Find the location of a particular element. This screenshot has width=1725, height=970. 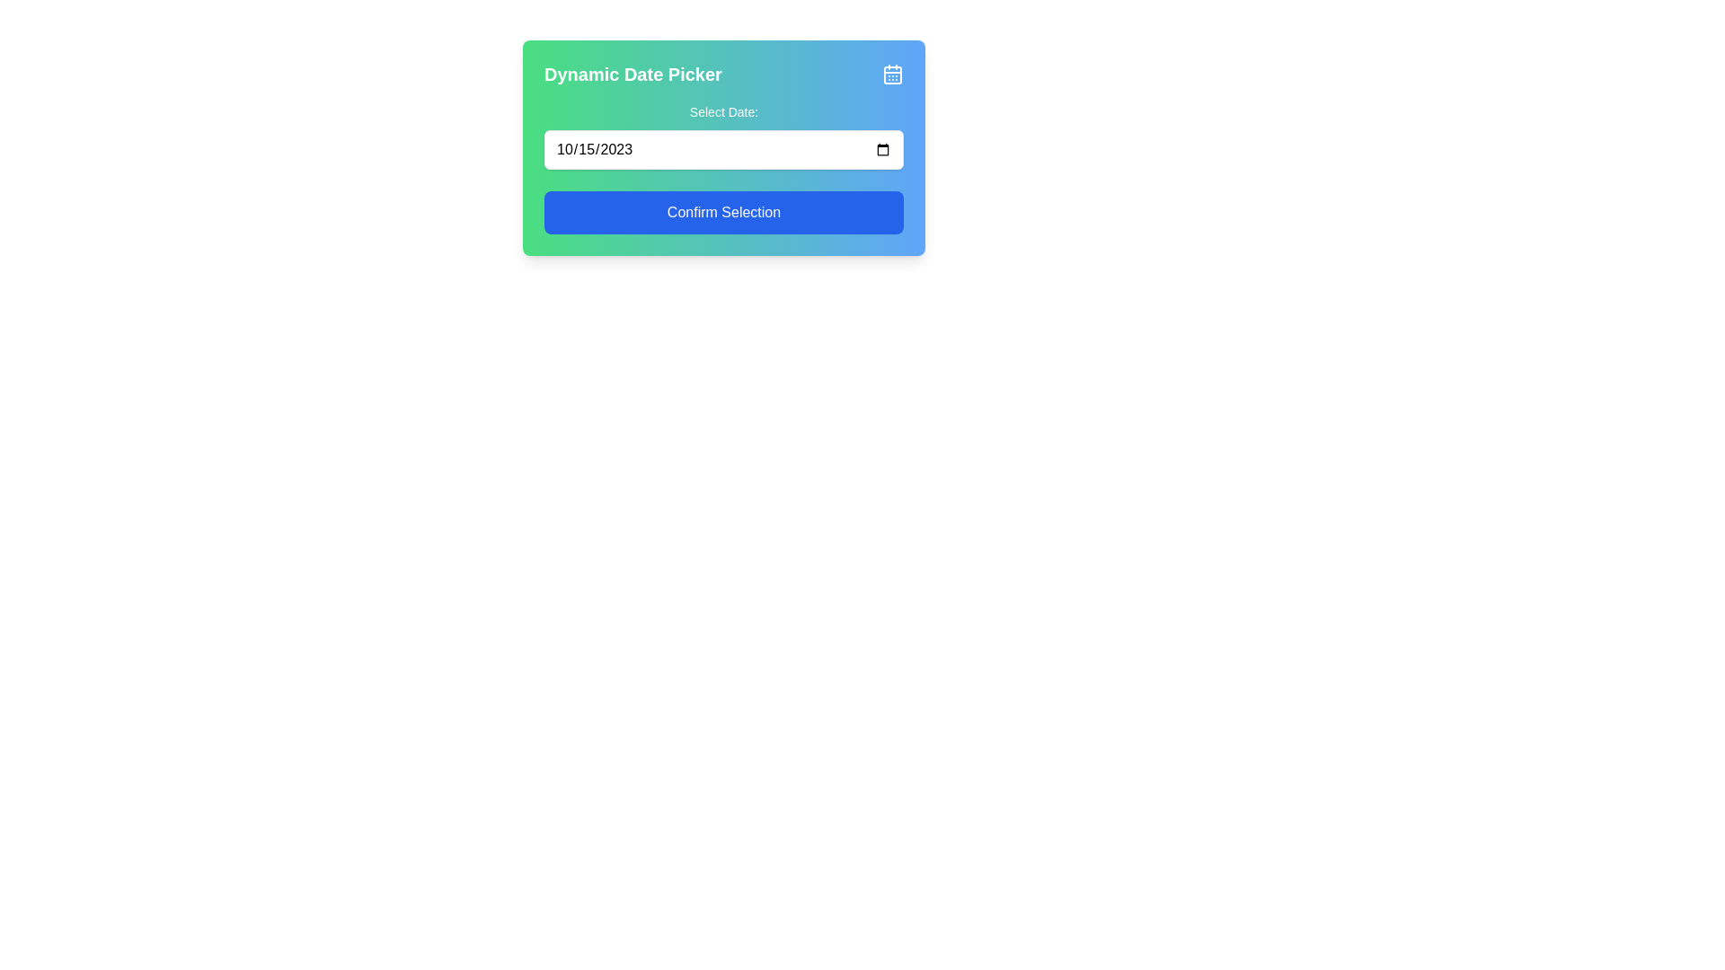

the 'Dynamic Date Picker' text label displayed in a bold and large font against a gradient green-to-blue background is located at coordinates (633, 74).